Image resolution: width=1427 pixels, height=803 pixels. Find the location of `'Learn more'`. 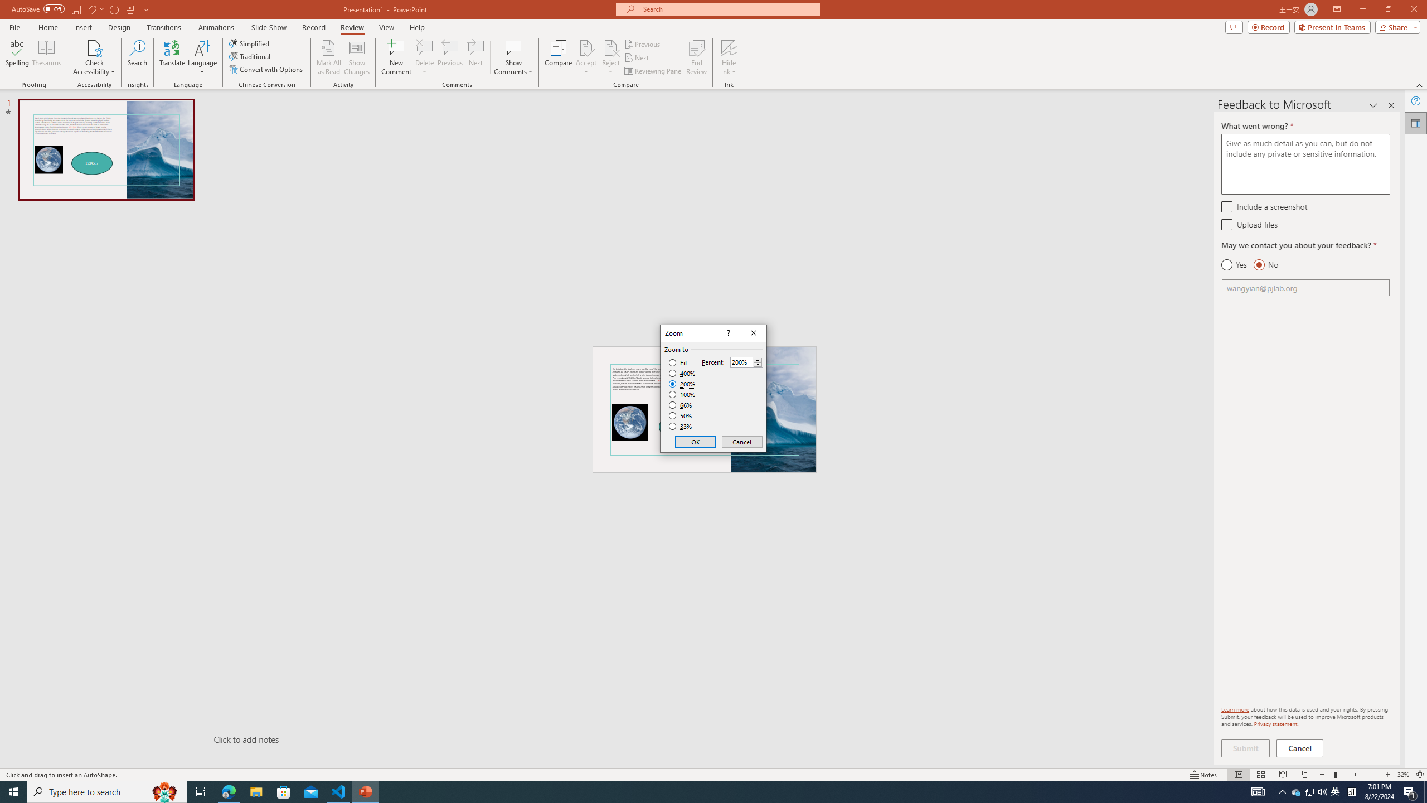

'Learn more' is located at coordinates (1235, 709).